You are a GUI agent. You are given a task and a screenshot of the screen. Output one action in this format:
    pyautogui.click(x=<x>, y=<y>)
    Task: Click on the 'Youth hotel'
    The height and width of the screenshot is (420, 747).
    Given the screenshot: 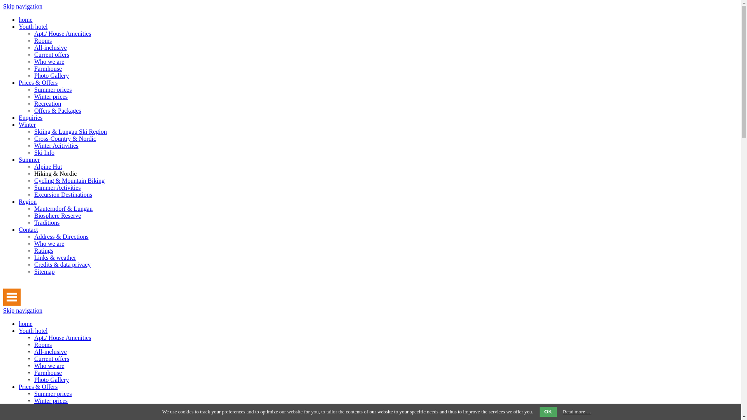 What is the action you would take?
    pyautogui.click(x=33, y=331)
    